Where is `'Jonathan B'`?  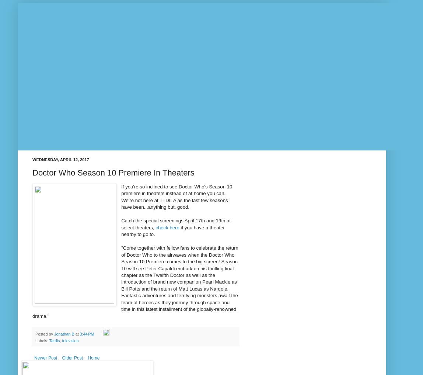 'Jonathan B' is located at coordinates (64, 334).